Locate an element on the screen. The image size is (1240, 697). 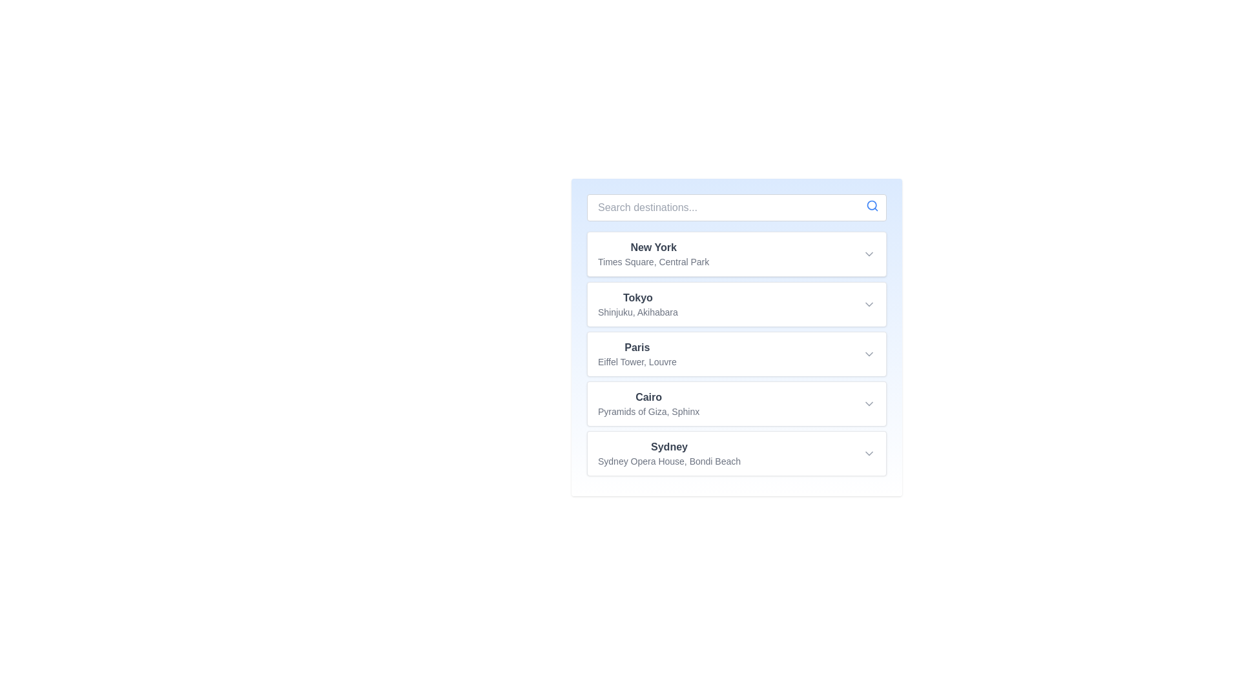
the fifth expandable list item labeled 'Sydney' is located at coordinates (737, 452).